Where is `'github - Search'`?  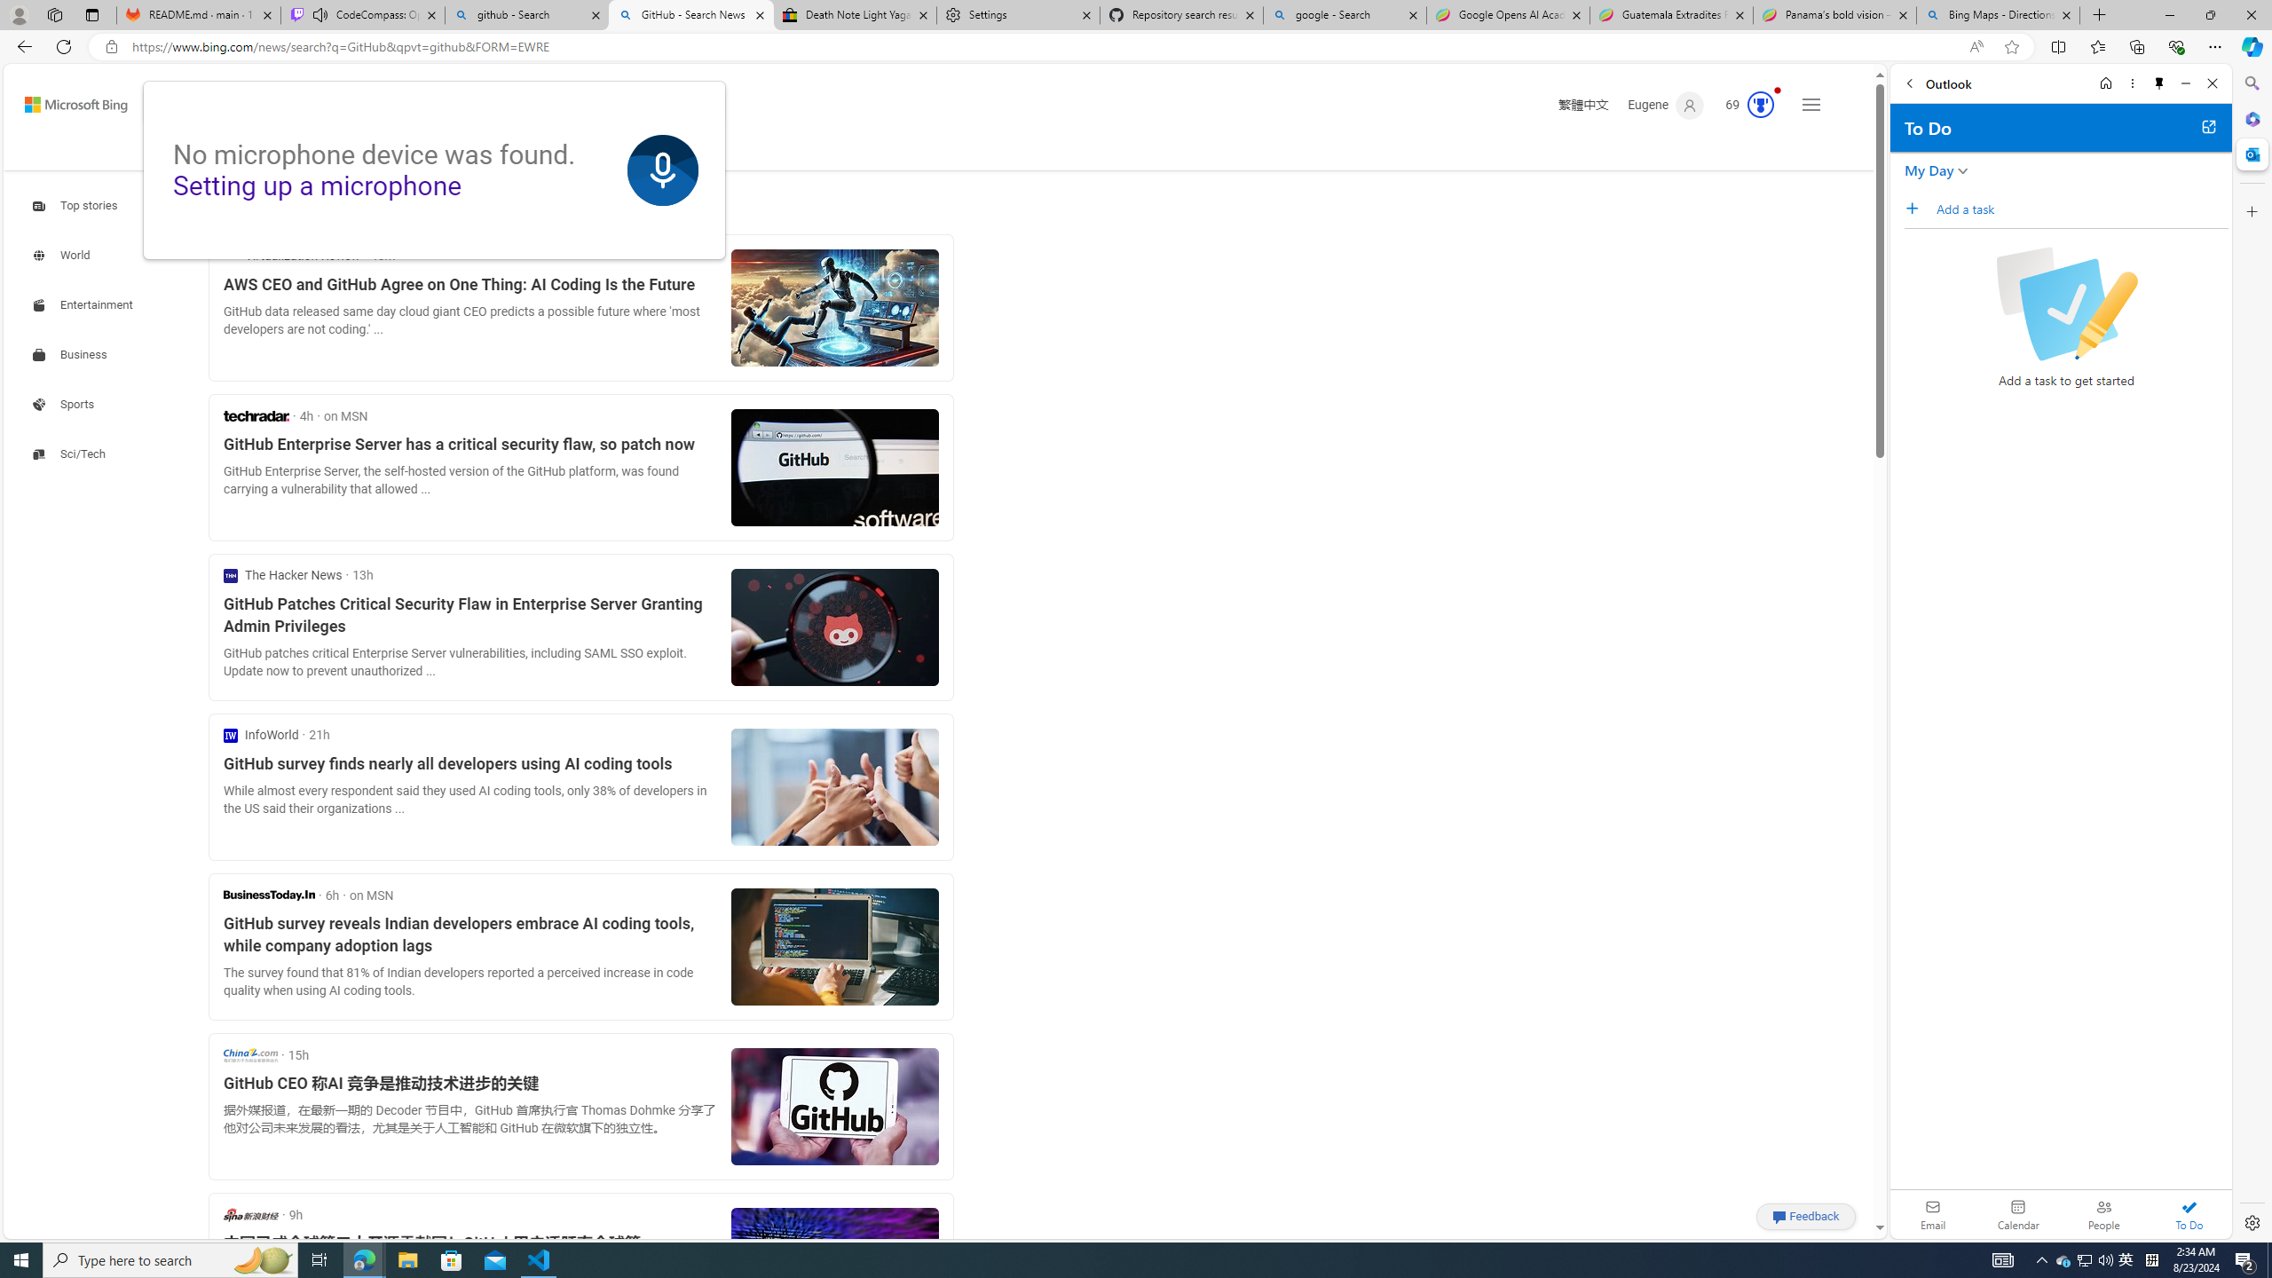
'github - Search' is located at coordinates (525, 14).